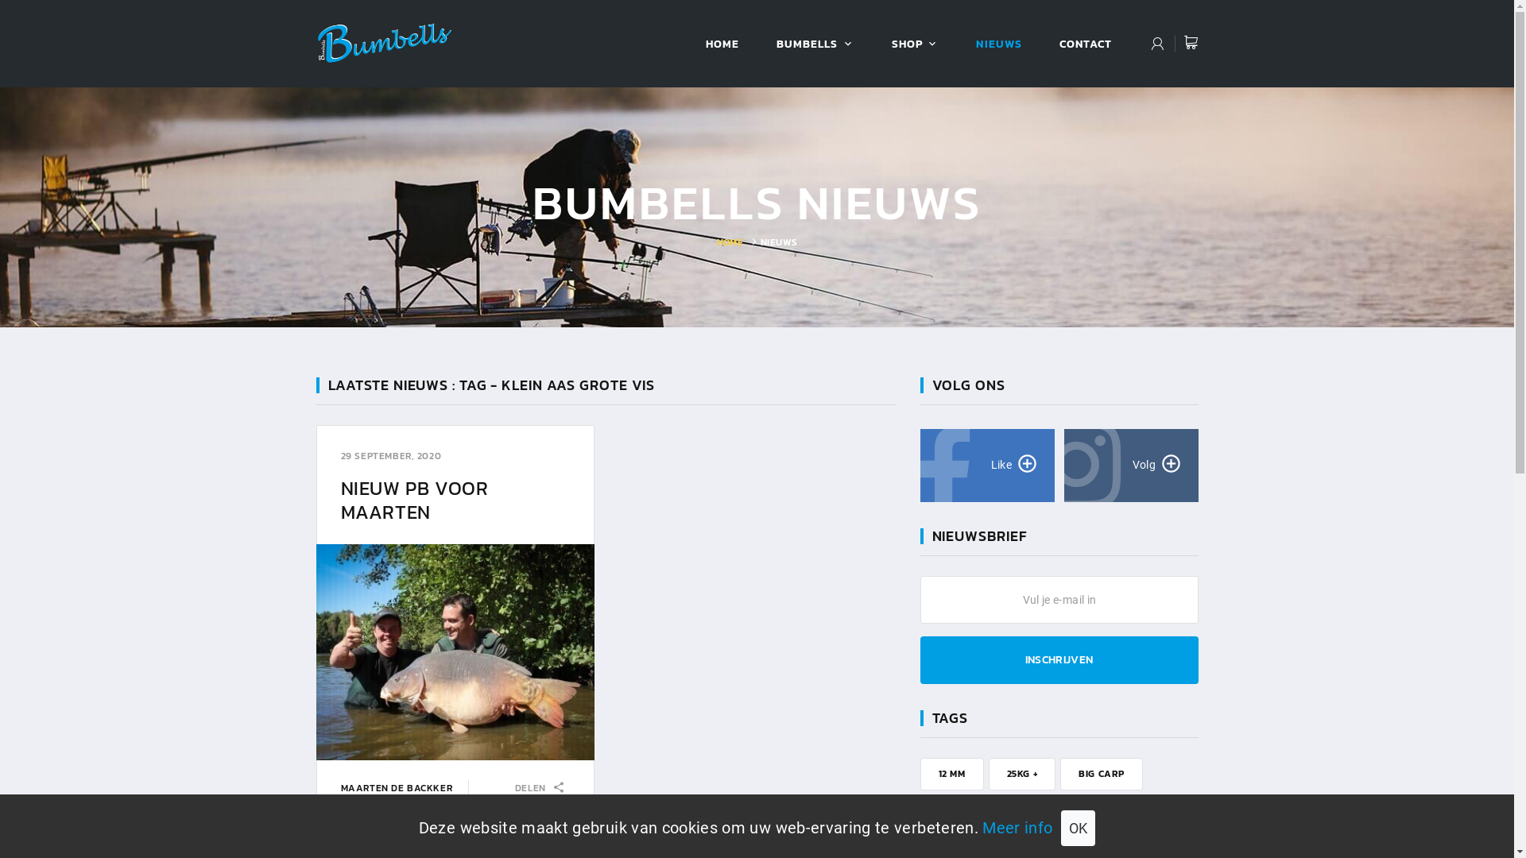 The width and height of the screenshot is (1526, 858). What do you see at coordinates (1022, 773) in the screenshot?
I see `'25KG +'` at bounding box center [1022, 773].